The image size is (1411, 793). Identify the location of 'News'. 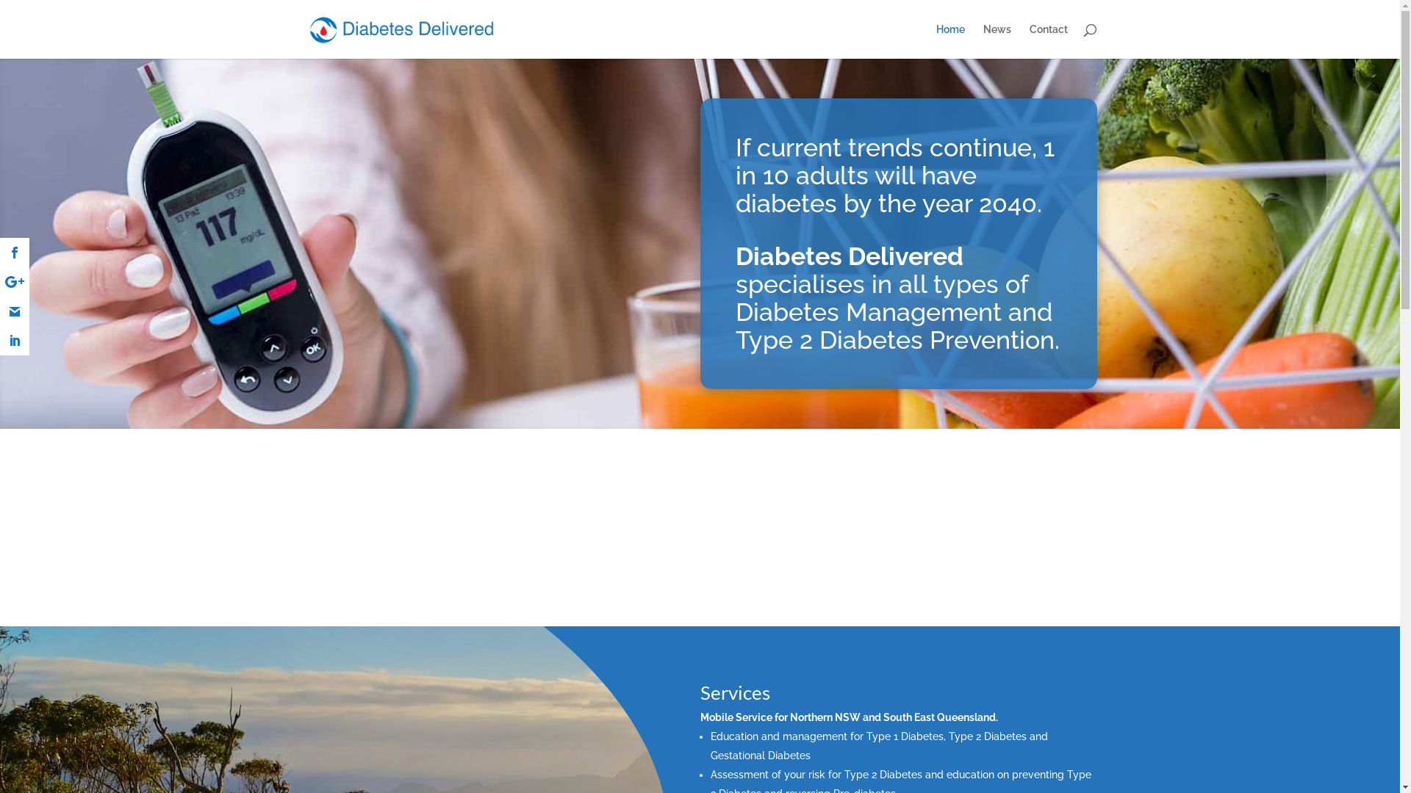
(997, 40).